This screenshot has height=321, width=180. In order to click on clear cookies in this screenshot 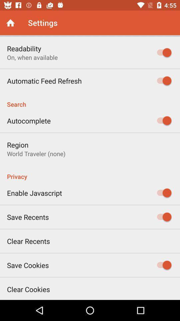, I will do `click(28, 289)`.